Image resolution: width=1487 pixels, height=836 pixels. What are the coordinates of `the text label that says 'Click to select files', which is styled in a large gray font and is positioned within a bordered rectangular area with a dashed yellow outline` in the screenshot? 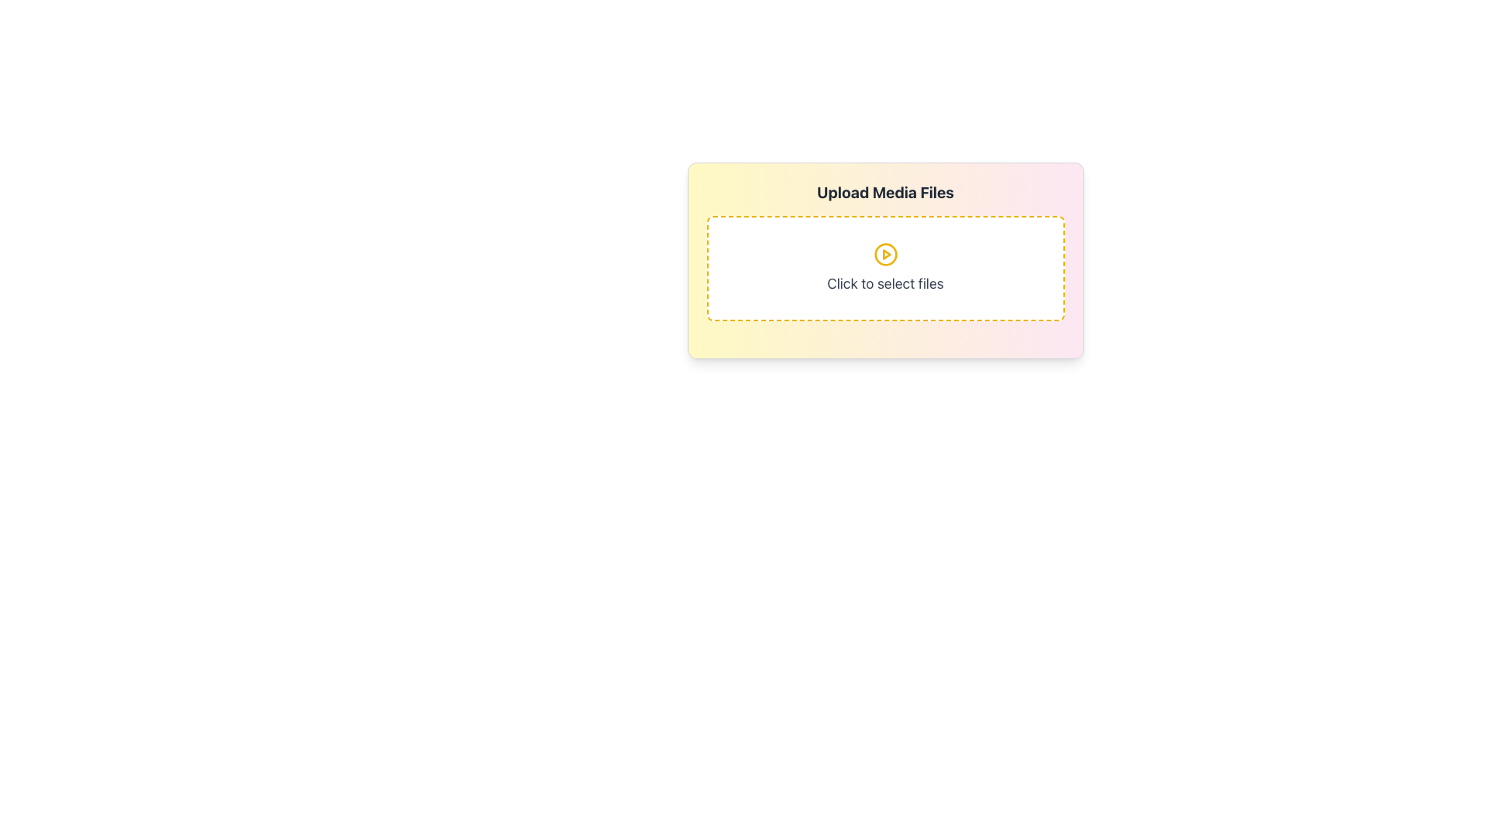 It's located at (885, 283).